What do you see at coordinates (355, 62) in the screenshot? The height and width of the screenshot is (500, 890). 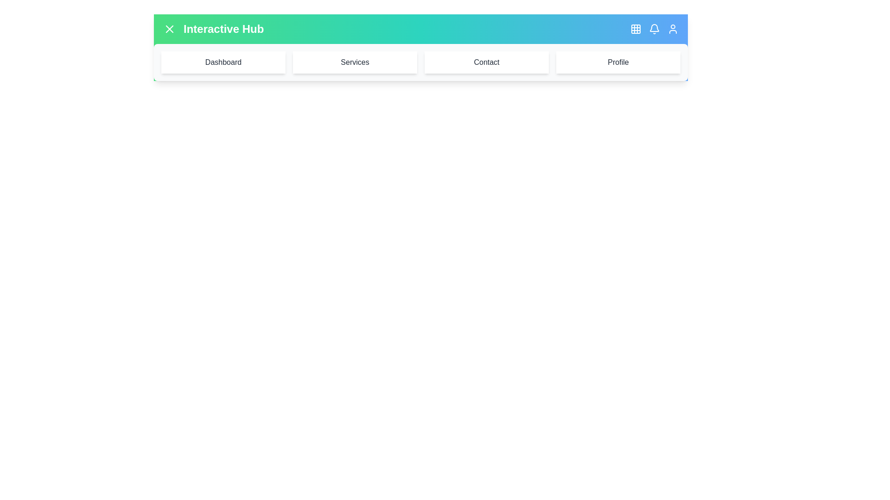 I see `the menu item Services` at bounding box center [355, 62].